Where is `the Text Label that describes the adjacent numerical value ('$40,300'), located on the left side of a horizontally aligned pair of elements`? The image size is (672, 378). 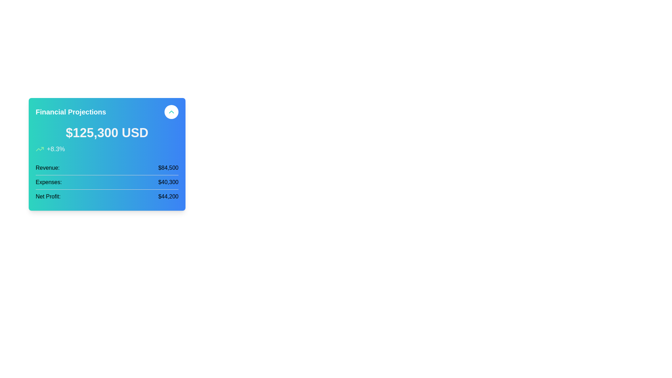 the Text Label that describes the adjacent numerical value ('$40,300'), located on the left side of a horizontally aligned pair of elements is located at coordinates (48, 182).